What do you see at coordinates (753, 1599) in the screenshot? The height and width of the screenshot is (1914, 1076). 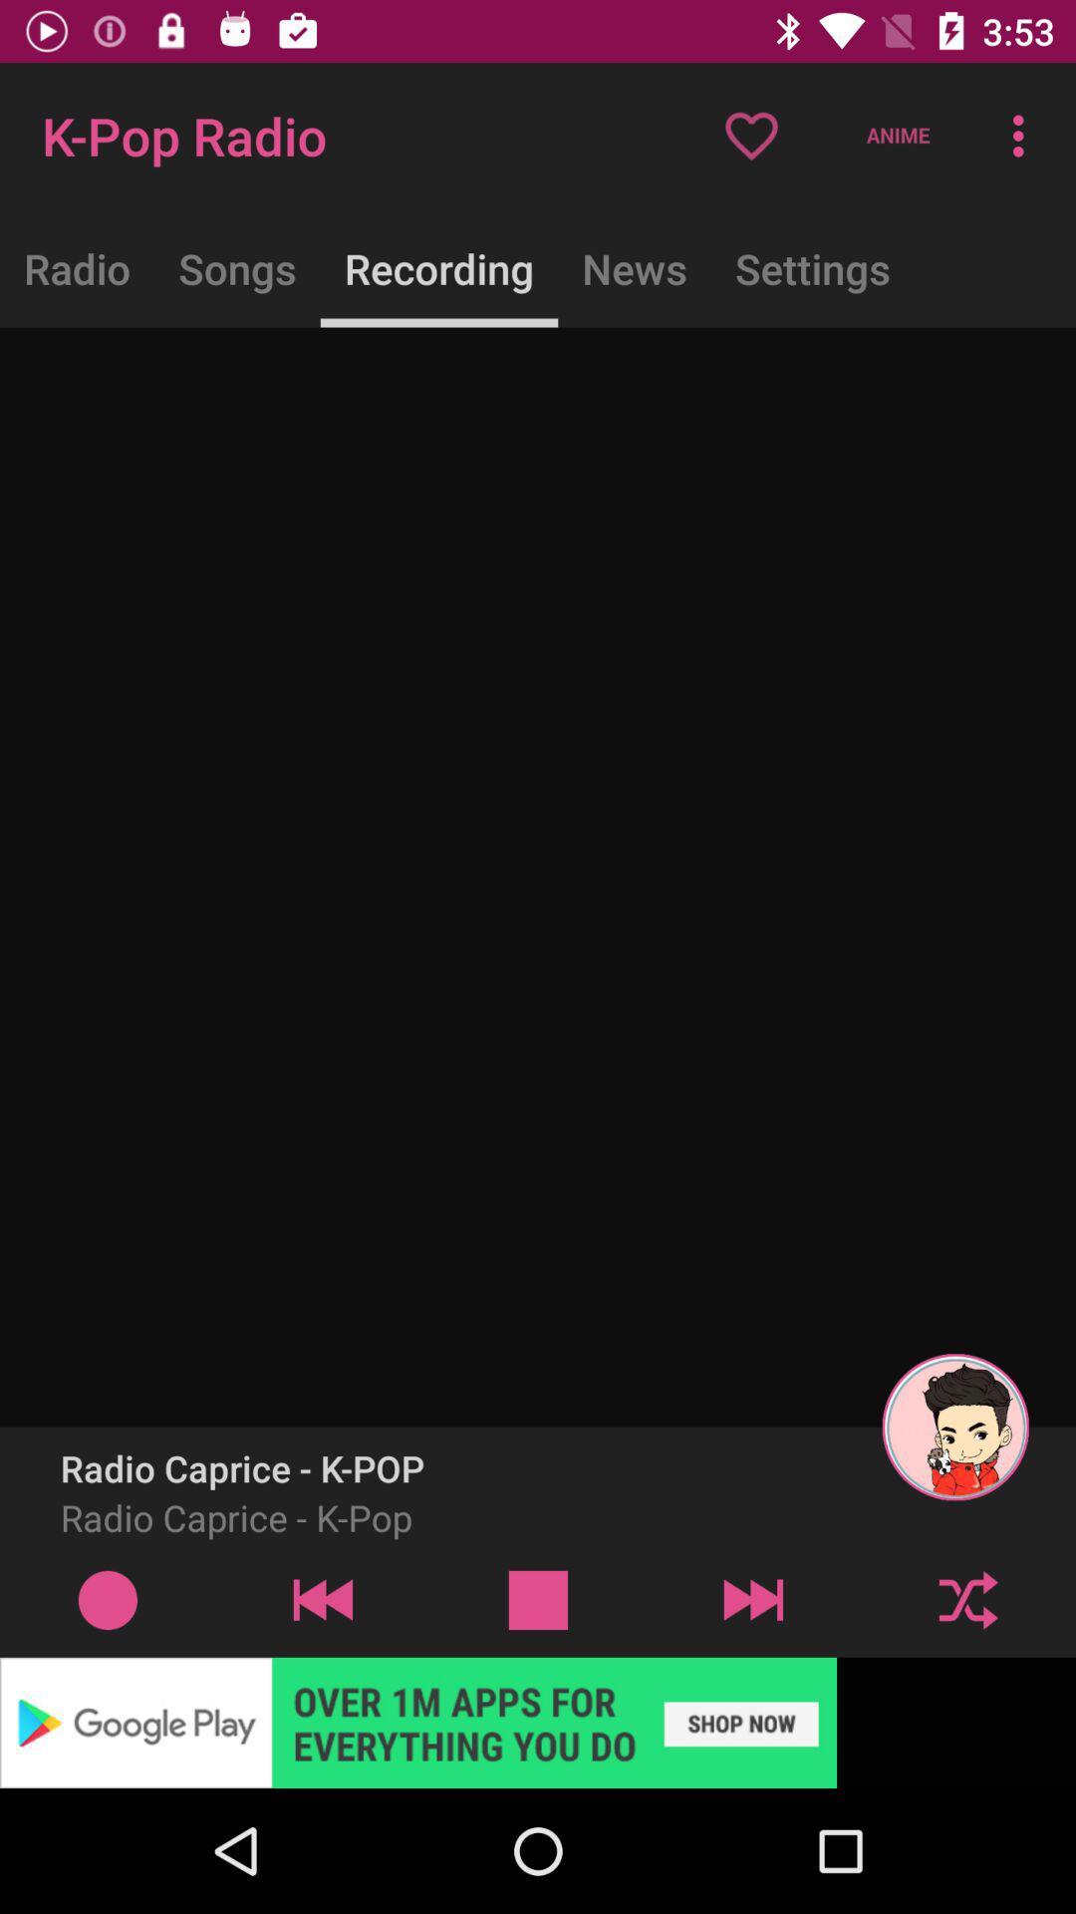 I see `the skip_next icon` at bounding box center [753, 1599].